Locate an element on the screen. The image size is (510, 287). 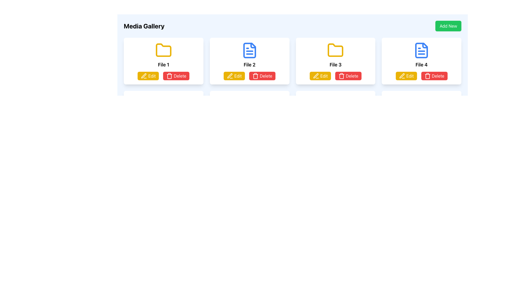
the trash can icon located within the delete button of the card labeled 'File 4', which is positioned at the bottom right of the card is located at coordinates (427, 77).